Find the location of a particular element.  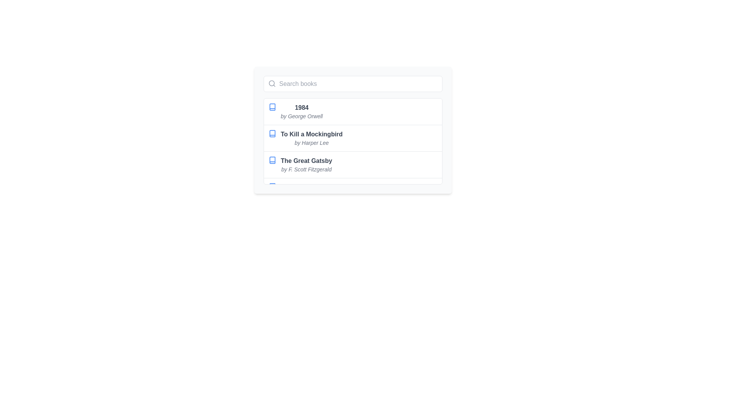

the text display component showing the book title '1984' by George Orwell to trigger a tooltip or highlight is located at coordinates (301, 111).